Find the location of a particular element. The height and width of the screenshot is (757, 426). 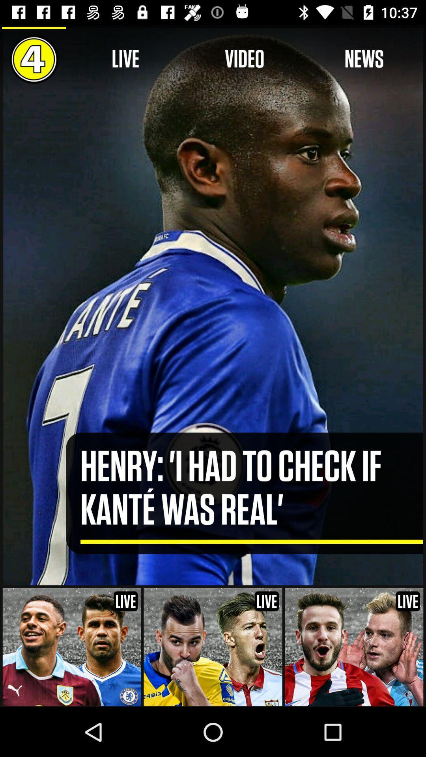

the item to the left of the news app is located at coordinates (244, 59).